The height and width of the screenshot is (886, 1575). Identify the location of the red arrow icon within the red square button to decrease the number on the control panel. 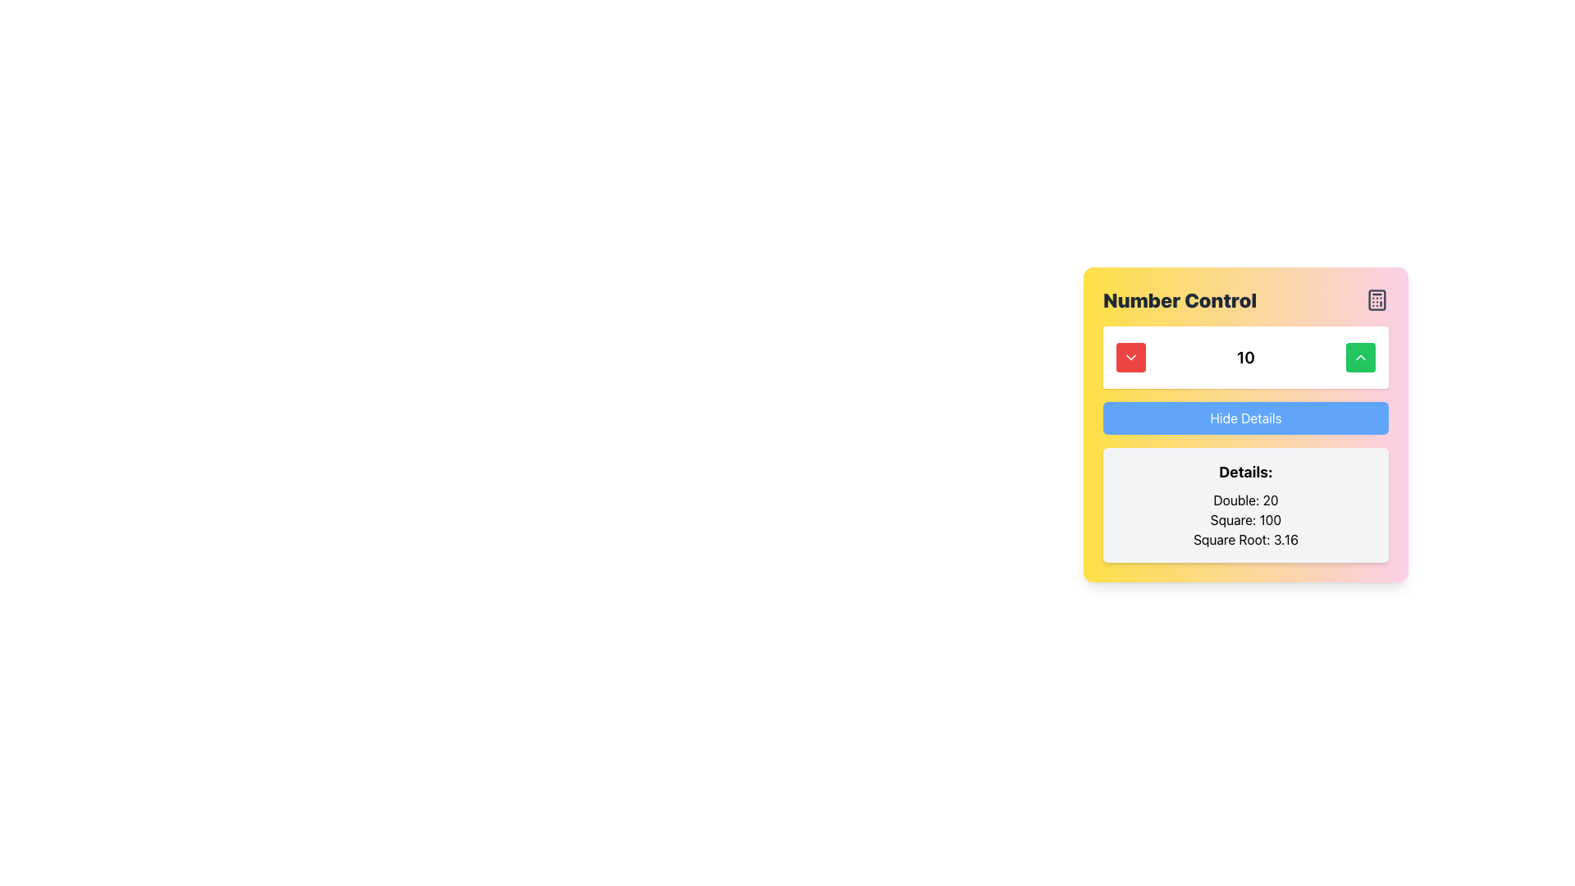
(1130, 356).